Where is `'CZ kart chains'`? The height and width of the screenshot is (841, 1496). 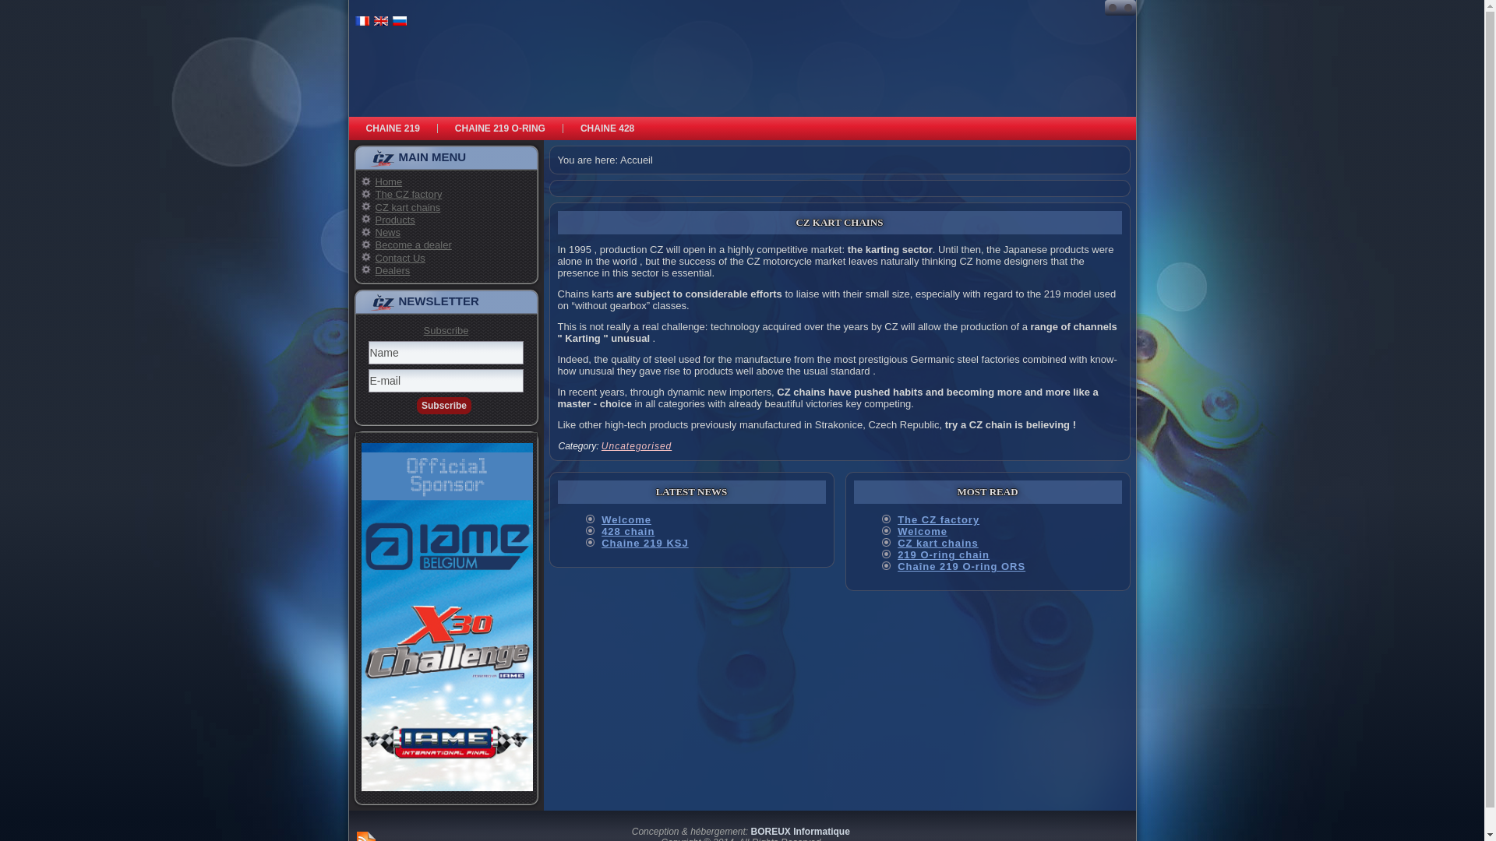
'CZ kart chains' is located at coordinates (375, 206).